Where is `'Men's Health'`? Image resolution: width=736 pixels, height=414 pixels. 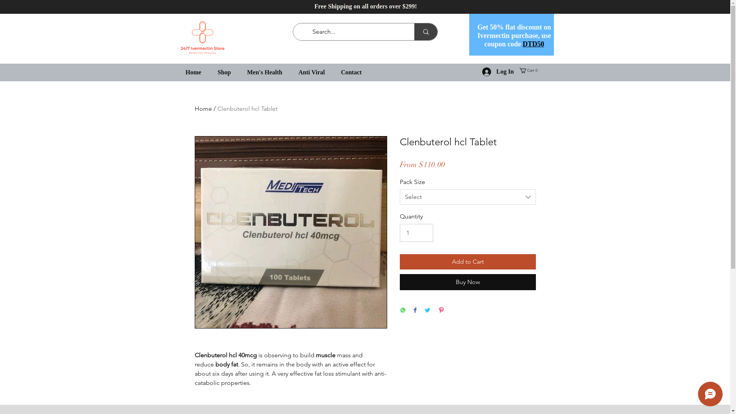
'Men's Health' is located at coordinates (265, 72).